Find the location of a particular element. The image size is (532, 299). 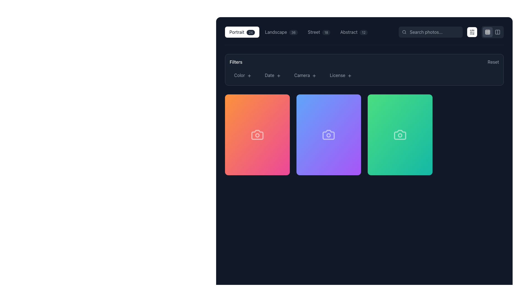

the circular share button with a semi-transparent black background located on the rightmost side of the horizontal button set is located at coordinates (412, 103).